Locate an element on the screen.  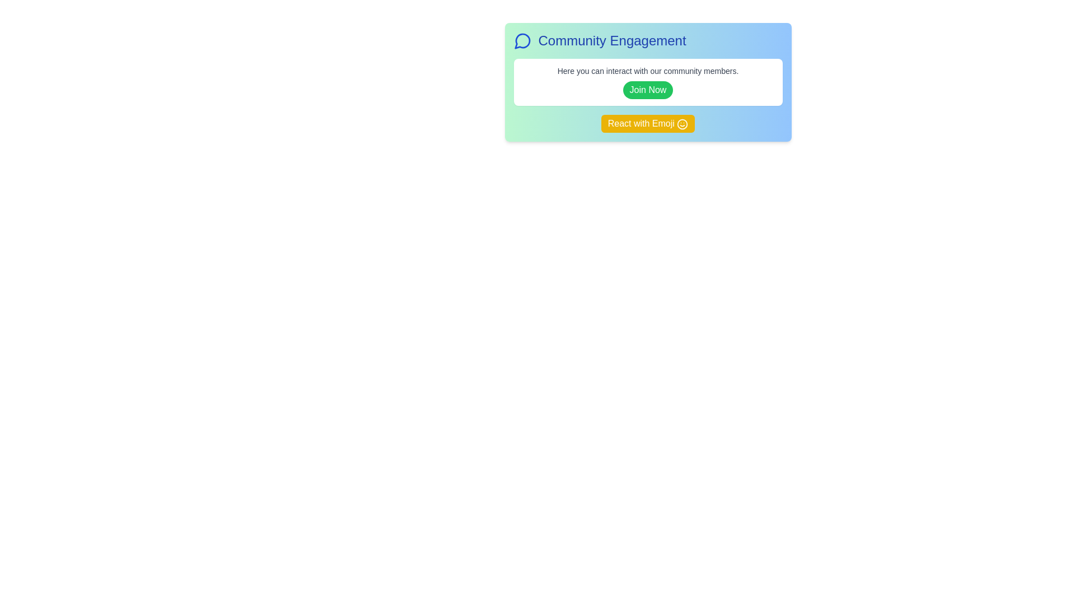
the text block that says 'Here you can interact with our community members.', styled in medium size and gray color, located above the green 'Join Now' button is located at coordinates (648, 71).